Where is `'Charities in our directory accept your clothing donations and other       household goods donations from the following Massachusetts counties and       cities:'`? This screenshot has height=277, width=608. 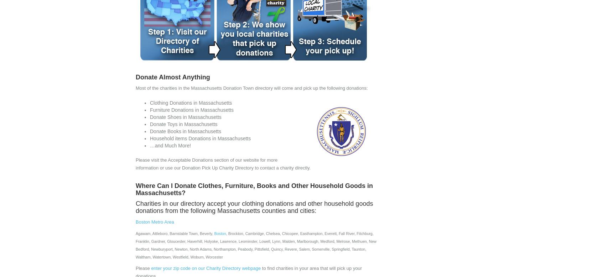
'Charities in our directory accept your clothing donations and other       household goods donations from the following Massachusetts counties and       cities:' is located at coordinates (254, 207).